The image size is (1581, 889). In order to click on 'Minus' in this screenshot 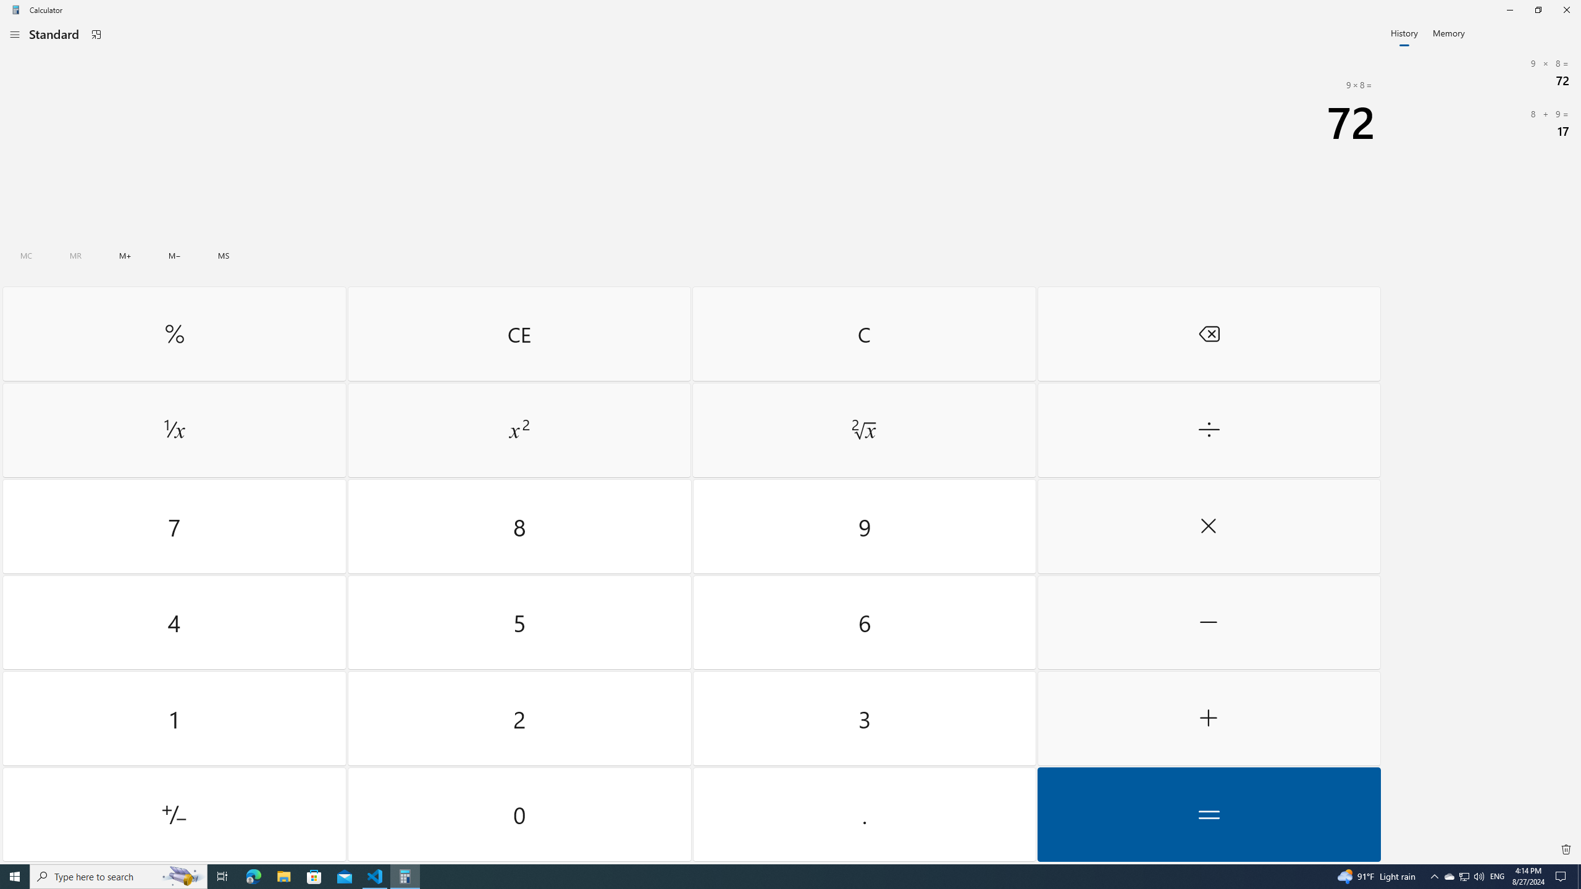, I will do `click(1208, 622)`.